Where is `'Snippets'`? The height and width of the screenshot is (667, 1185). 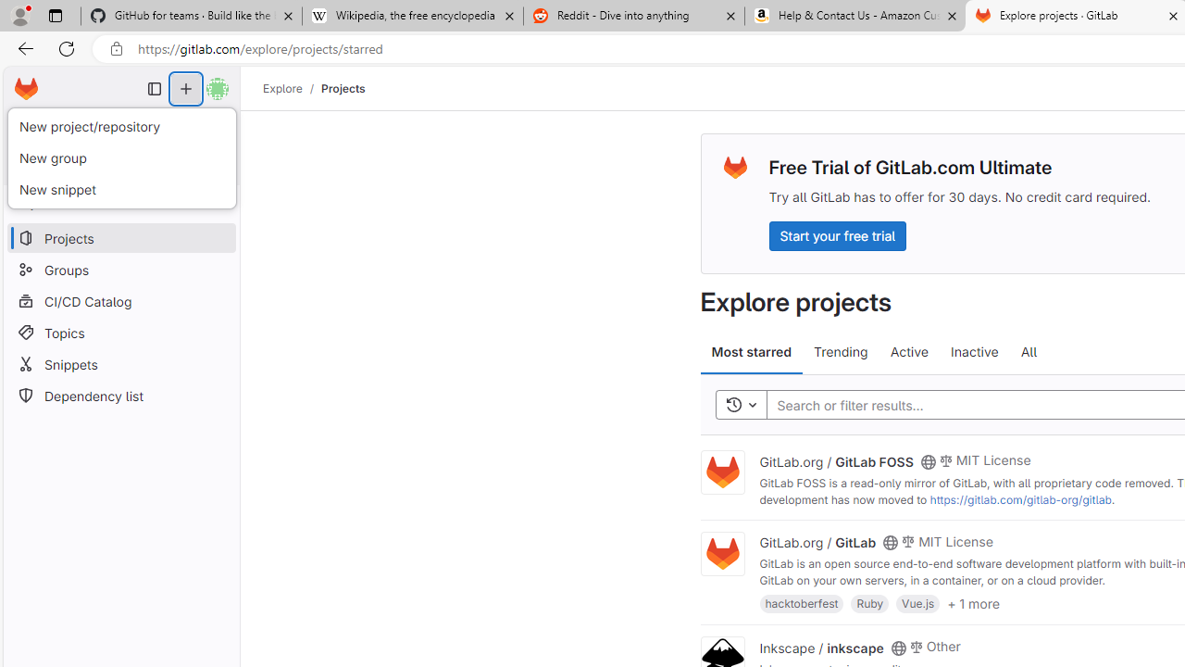 'Snippets' is located at coordinates (120, 364).